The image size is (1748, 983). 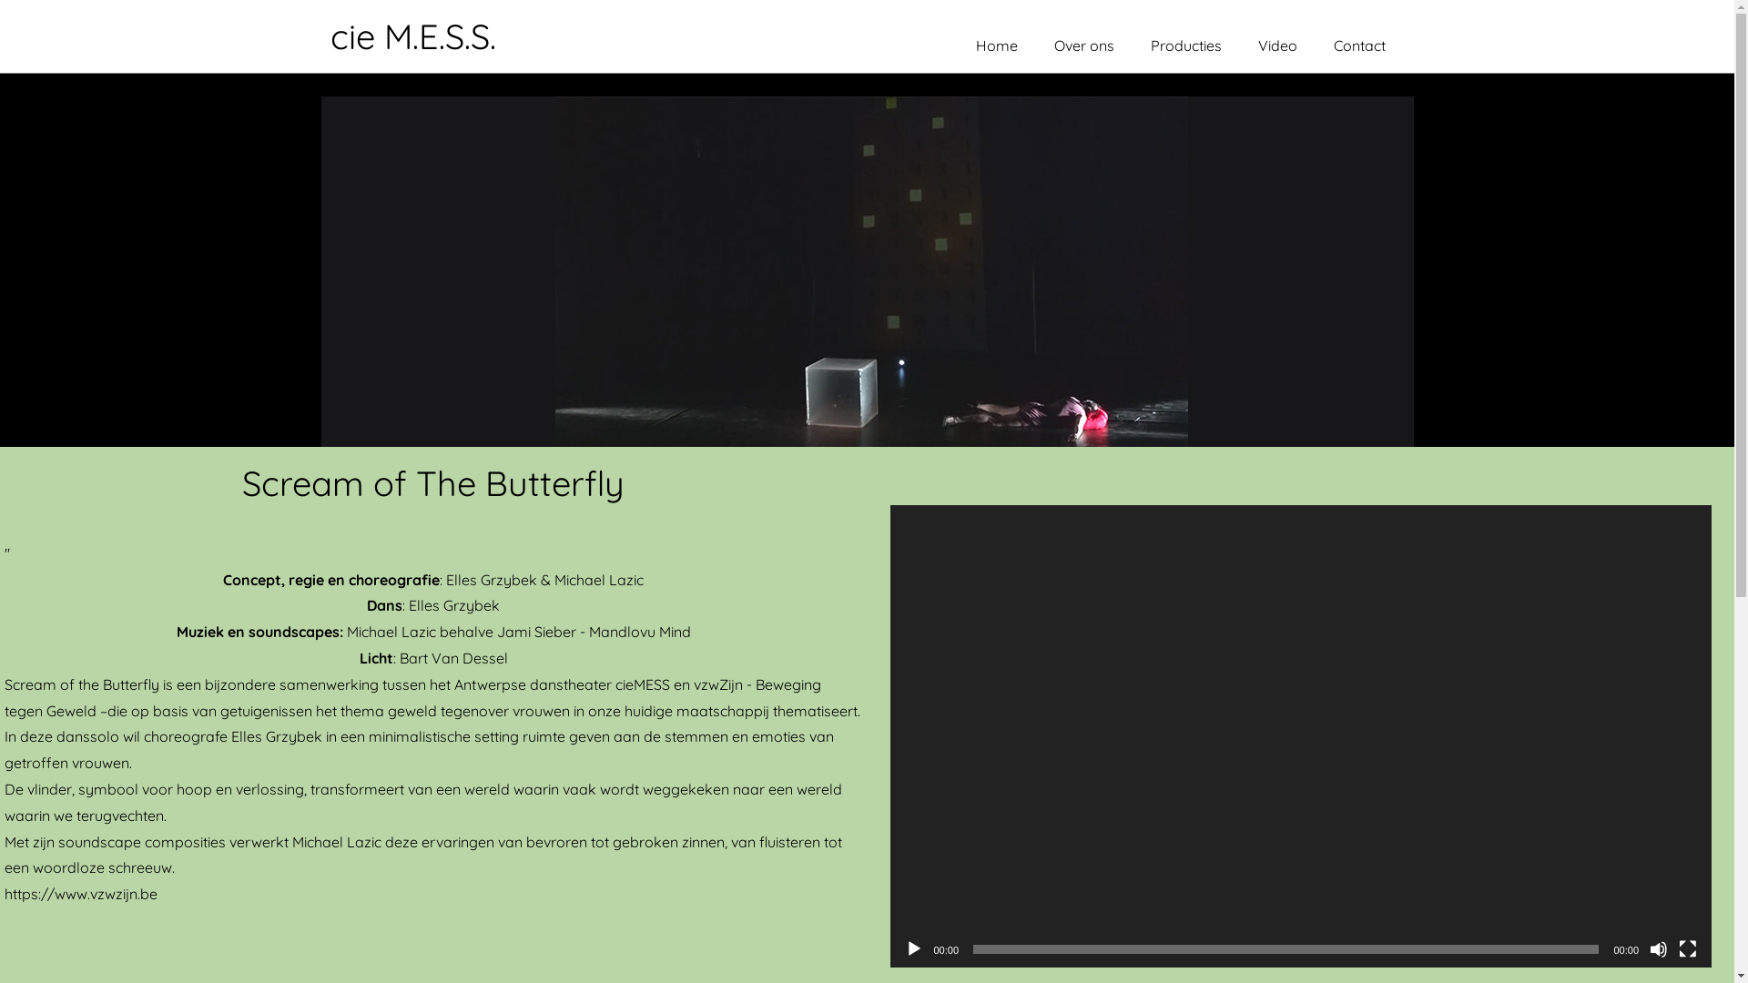 What do you see at coordinates (995, 45) in the screenshot?
I see `'Home'` at bounding box center [995, 45].